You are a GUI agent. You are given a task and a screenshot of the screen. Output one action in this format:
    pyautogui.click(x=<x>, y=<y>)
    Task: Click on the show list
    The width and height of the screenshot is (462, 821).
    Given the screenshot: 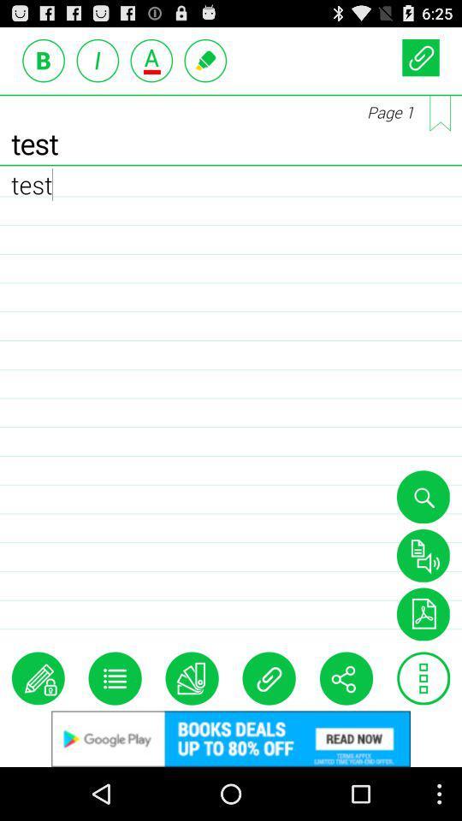 What is the action you would take?
    pyautogui.click(x=115, y=678)
    